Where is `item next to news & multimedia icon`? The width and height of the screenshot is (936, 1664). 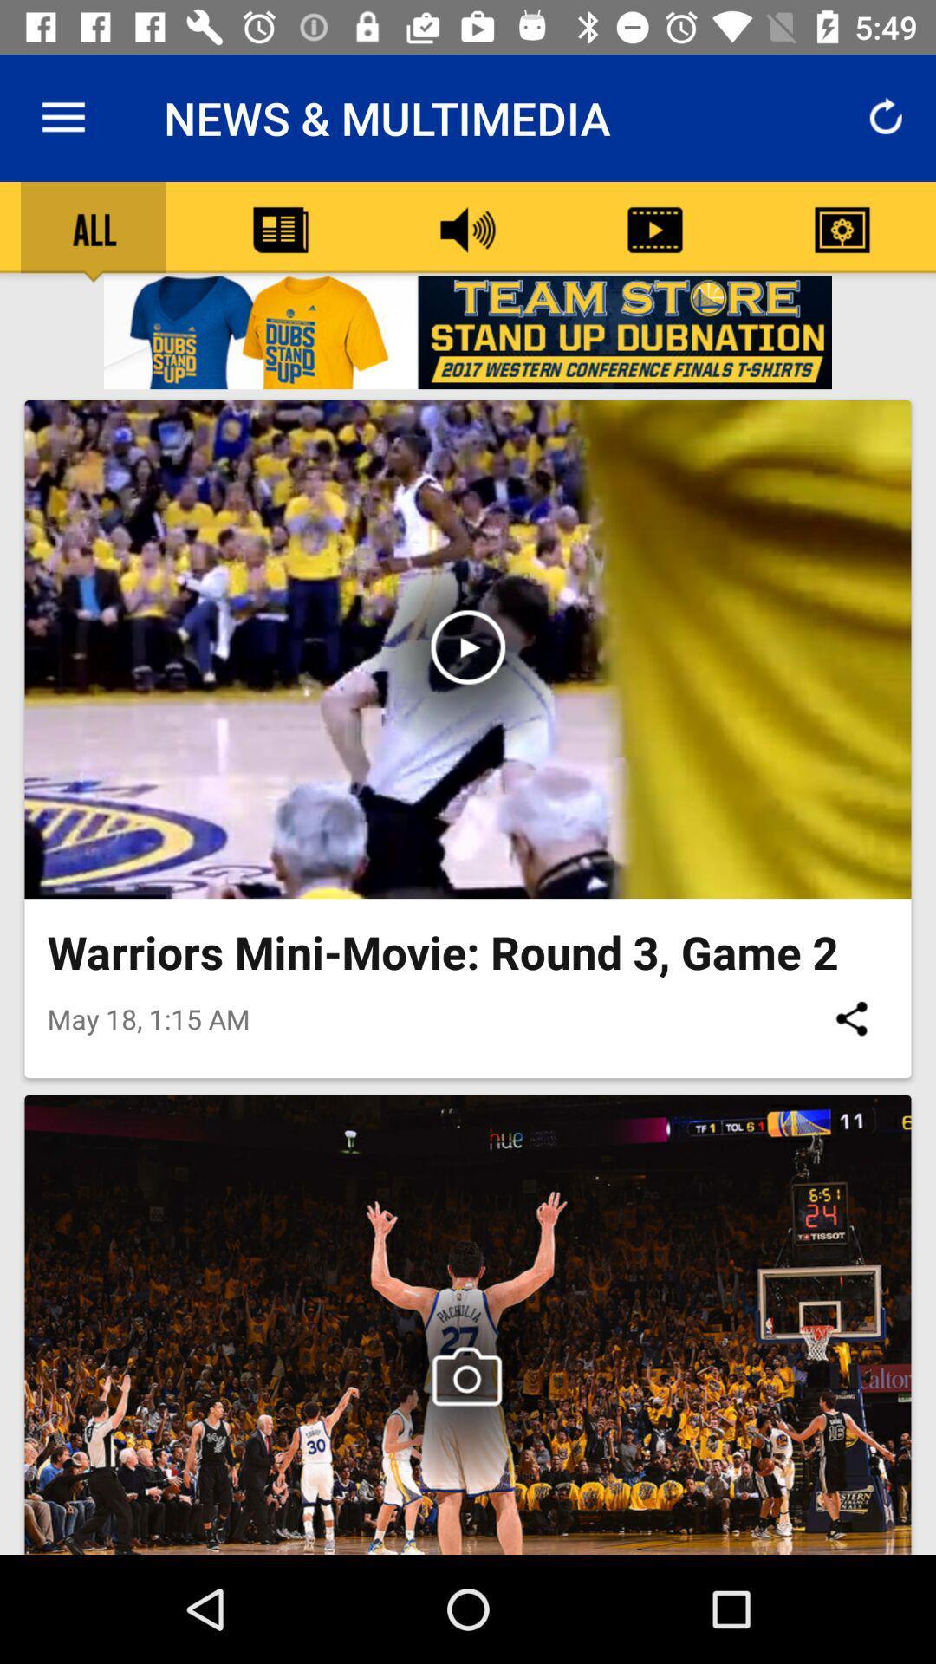 item next to news & multimedia icon is located at coordinates (62, 117).